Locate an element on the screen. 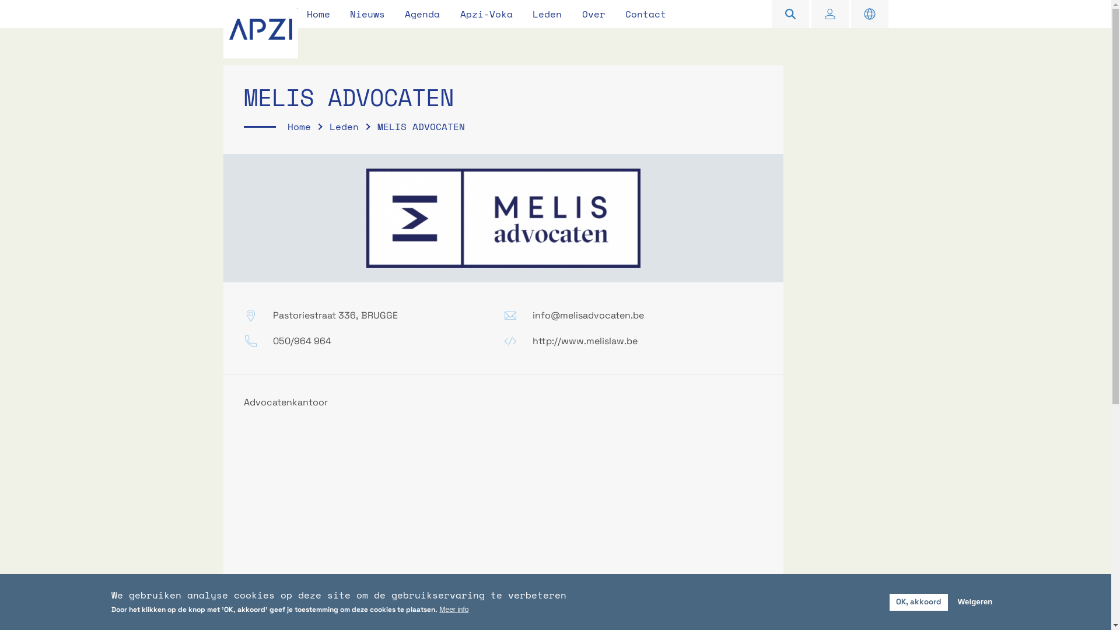 This screenshot has width=1120, height=630. 'Apzi-Voka' is located at coordinates (487, 13).